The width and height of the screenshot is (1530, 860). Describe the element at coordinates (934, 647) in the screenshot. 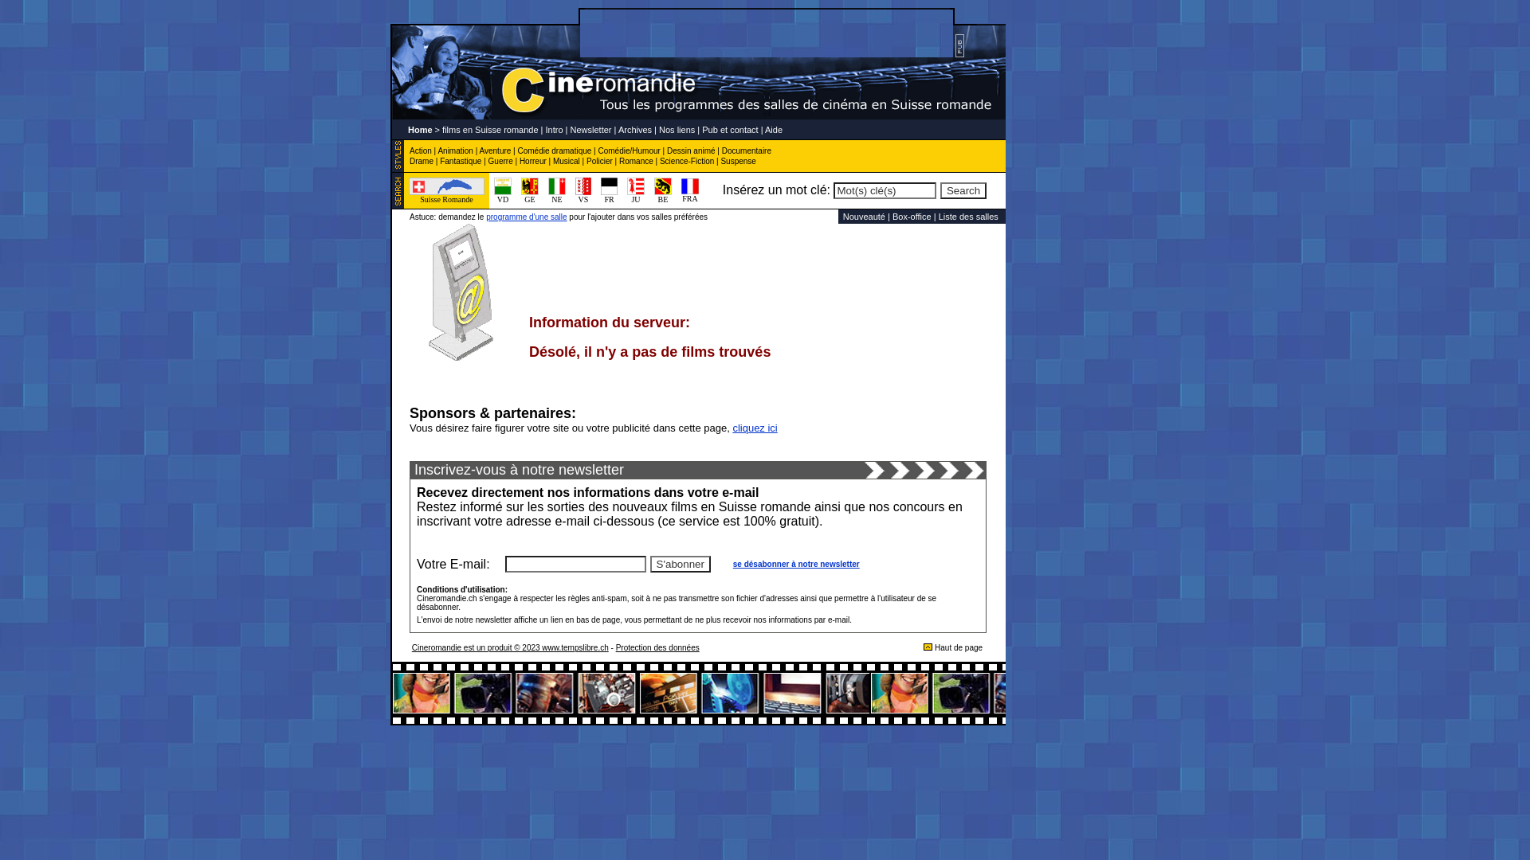

I see `'Haut de page'` at that location.